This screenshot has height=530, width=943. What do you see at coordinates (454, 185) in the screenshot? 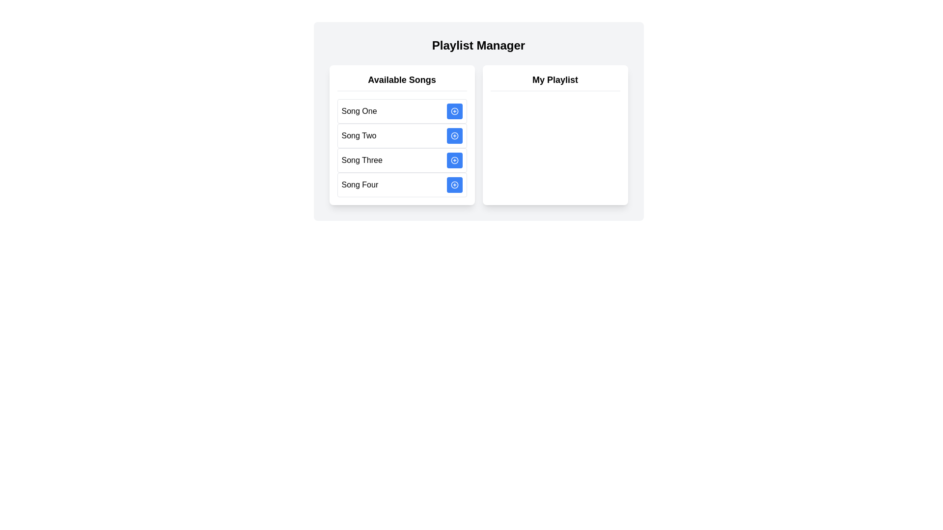
I see `'Add' button next to the song titled Song Four to add it to the playlist` at bounding box center [454, 185].